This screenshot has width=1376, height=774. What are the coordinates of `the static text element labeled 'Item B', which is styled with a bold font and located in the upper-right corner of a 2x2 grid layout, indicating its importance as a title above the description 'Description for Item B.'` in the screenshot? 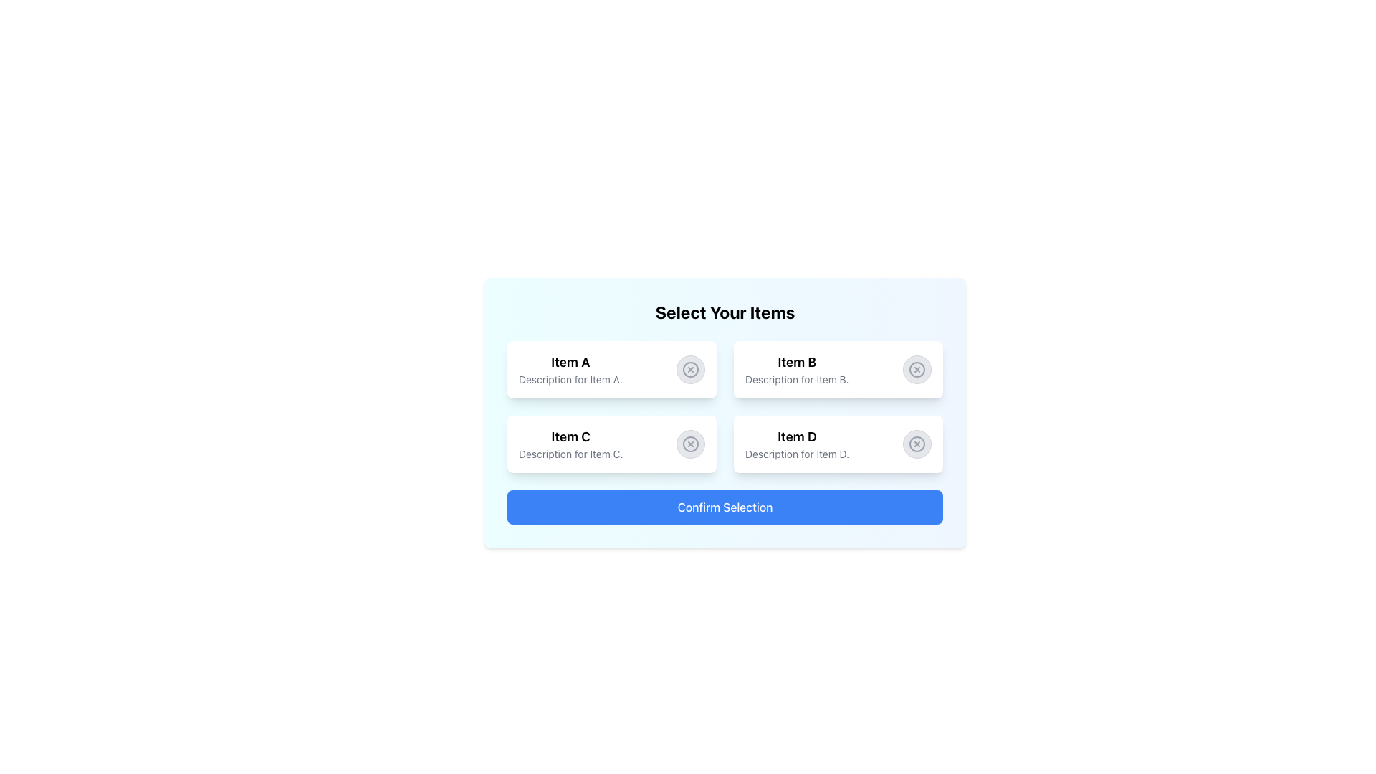 It's located at (796, 361).